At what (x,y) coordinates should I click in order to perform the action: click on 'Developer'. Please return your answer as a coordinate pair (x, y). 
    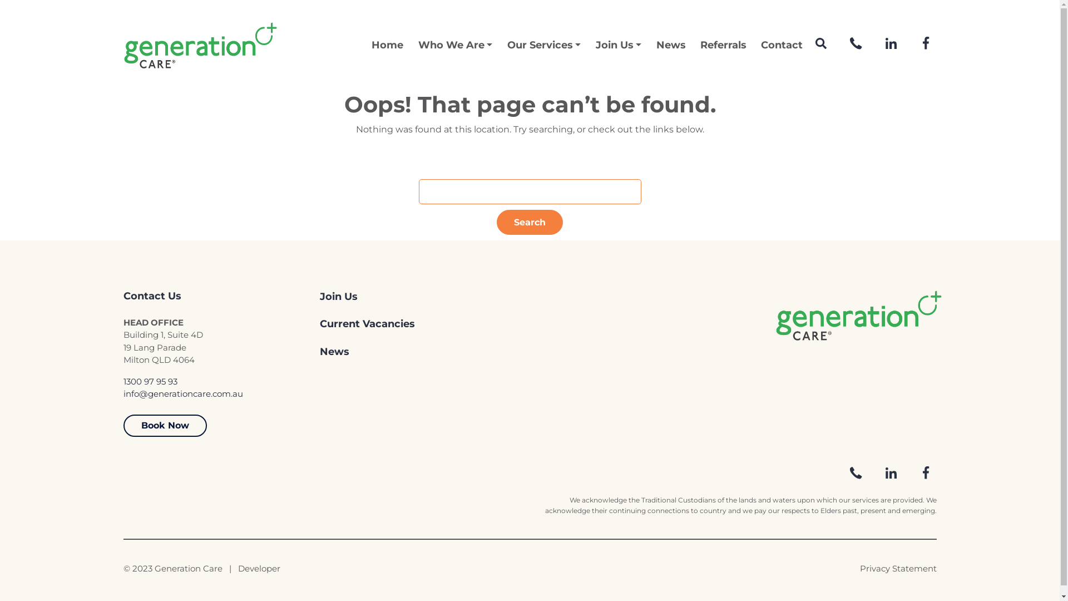
    Looking at the image, I should click on (258, 568).